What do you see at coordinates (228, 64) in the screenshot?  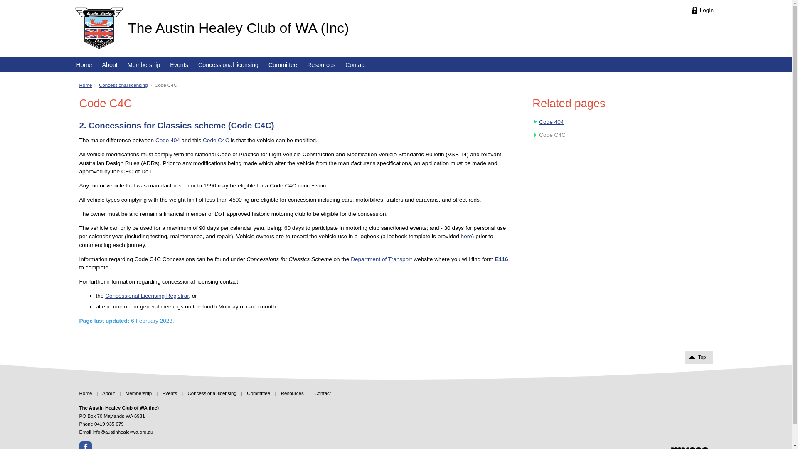 I see `'Concessional licensing'` at bounding box center [228, 64].